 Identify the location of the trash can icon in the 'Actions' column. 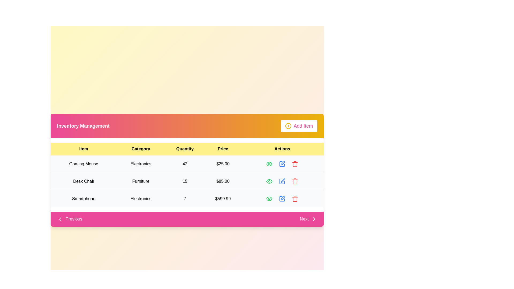
(295, 164).